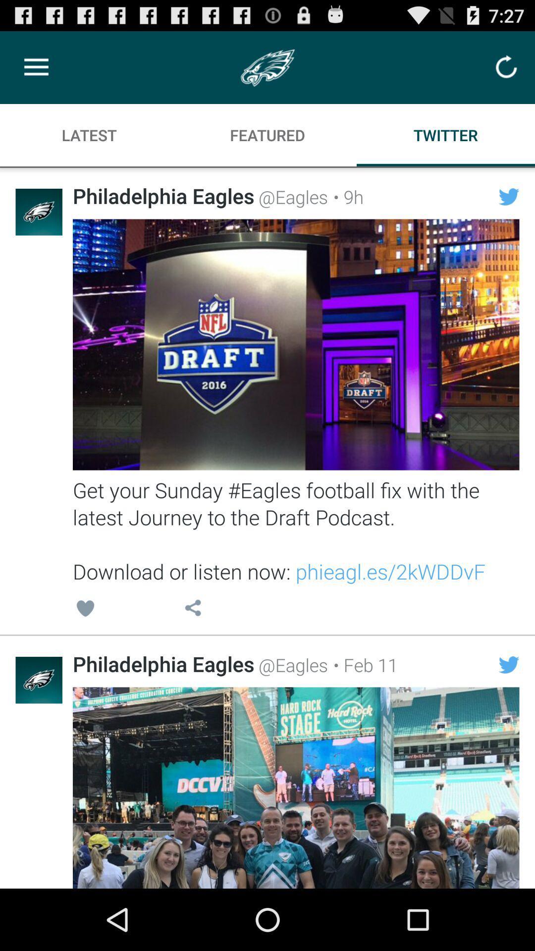  I want to click on icon on the left, so click(85, 609).